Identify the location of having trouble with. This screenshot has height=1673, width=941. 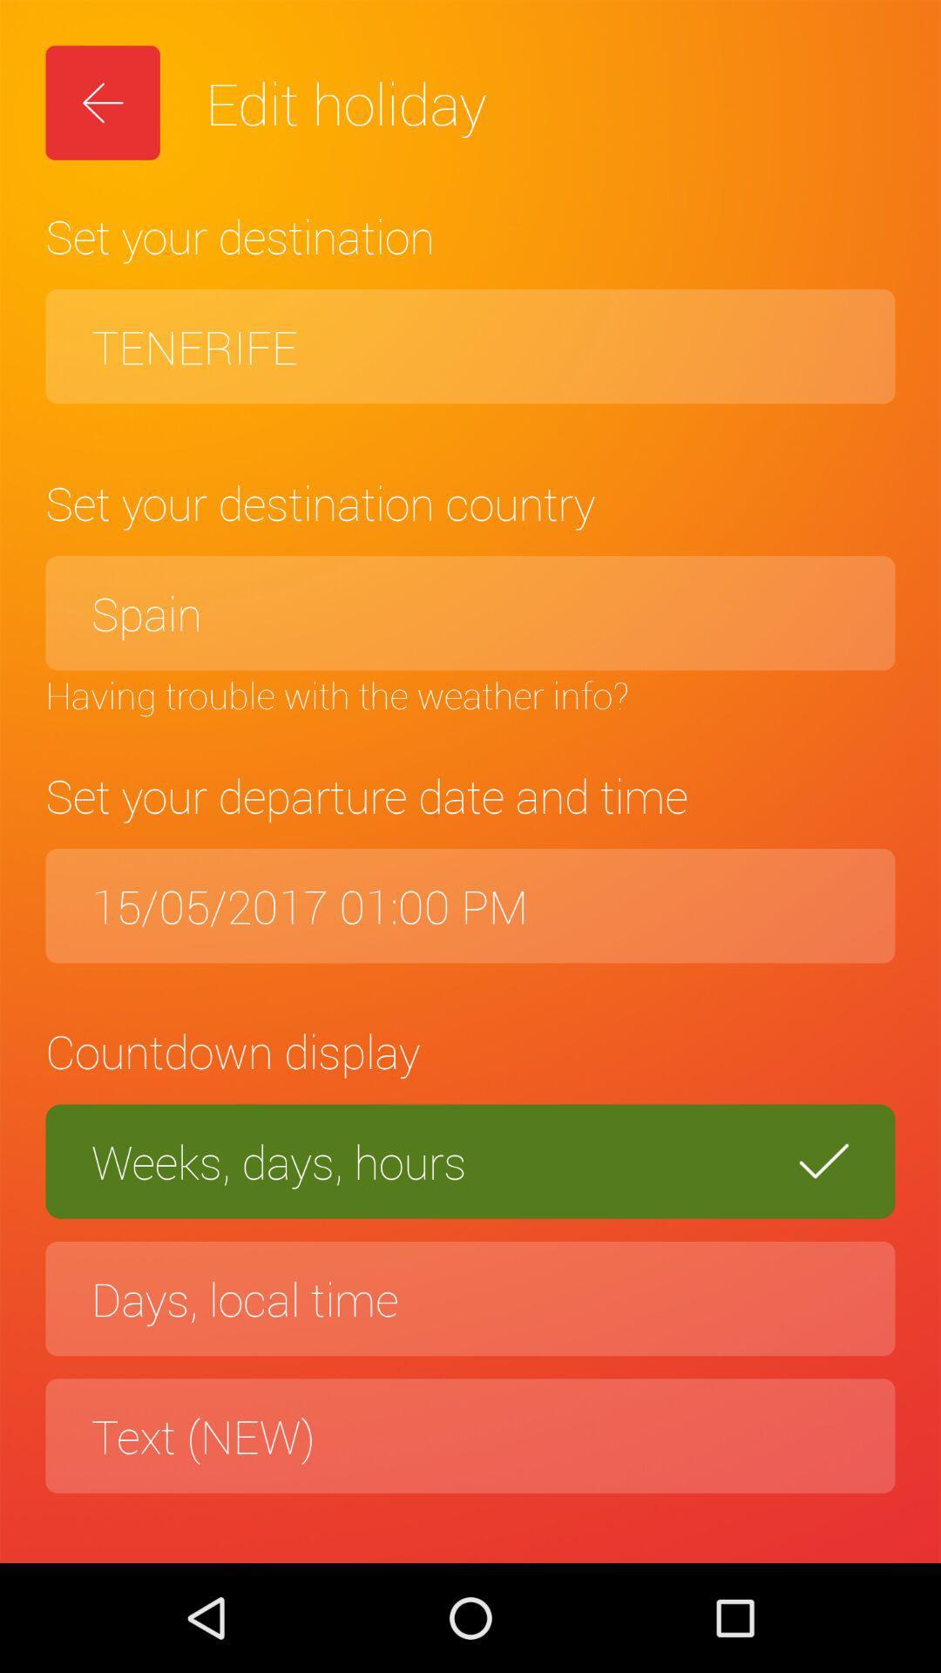
(470, 694).